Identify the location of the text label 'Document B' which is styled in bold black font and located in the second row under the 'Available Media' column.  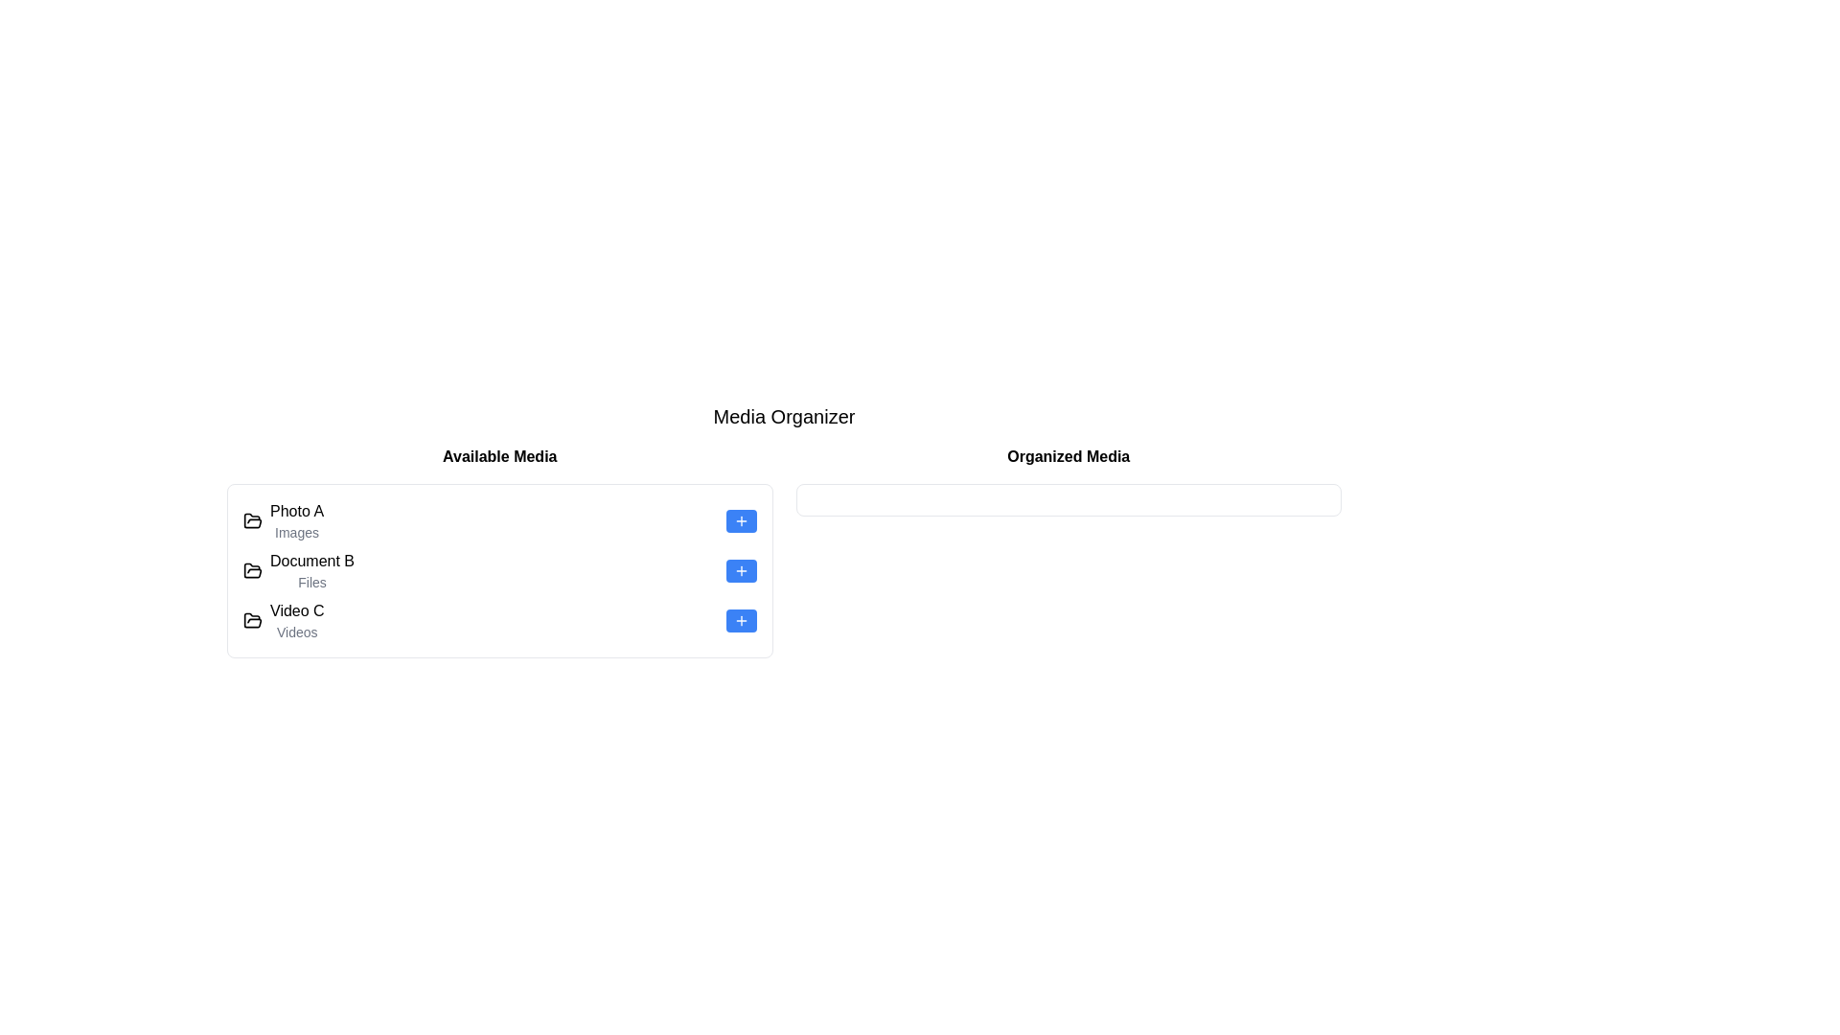
(312, 561).